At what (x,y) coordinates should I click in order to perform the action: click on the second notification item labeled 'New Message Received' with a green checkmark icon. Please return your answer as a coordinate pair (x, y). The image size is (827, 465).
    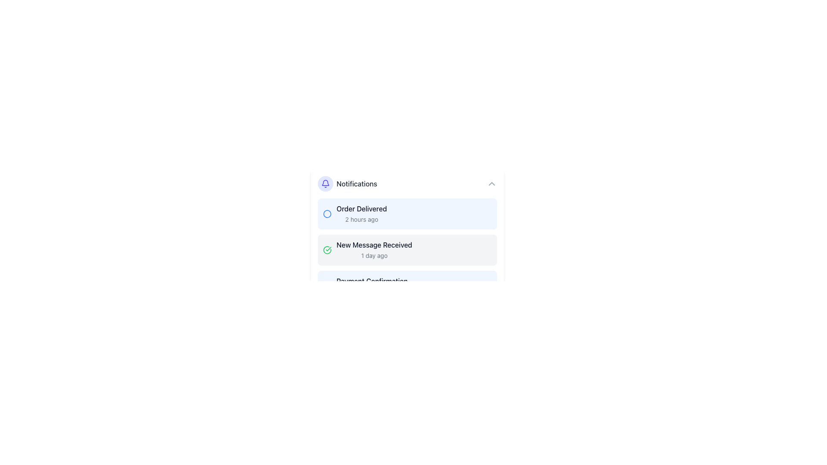
    Looking at the image, I should click on (407, 250).